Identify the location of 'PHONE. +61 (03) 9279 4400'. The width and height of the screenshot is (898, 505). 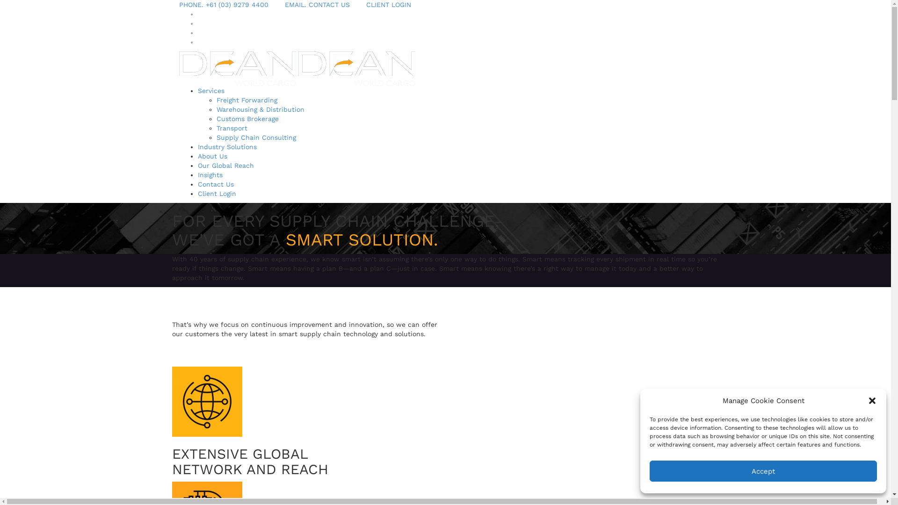
(223, 5).